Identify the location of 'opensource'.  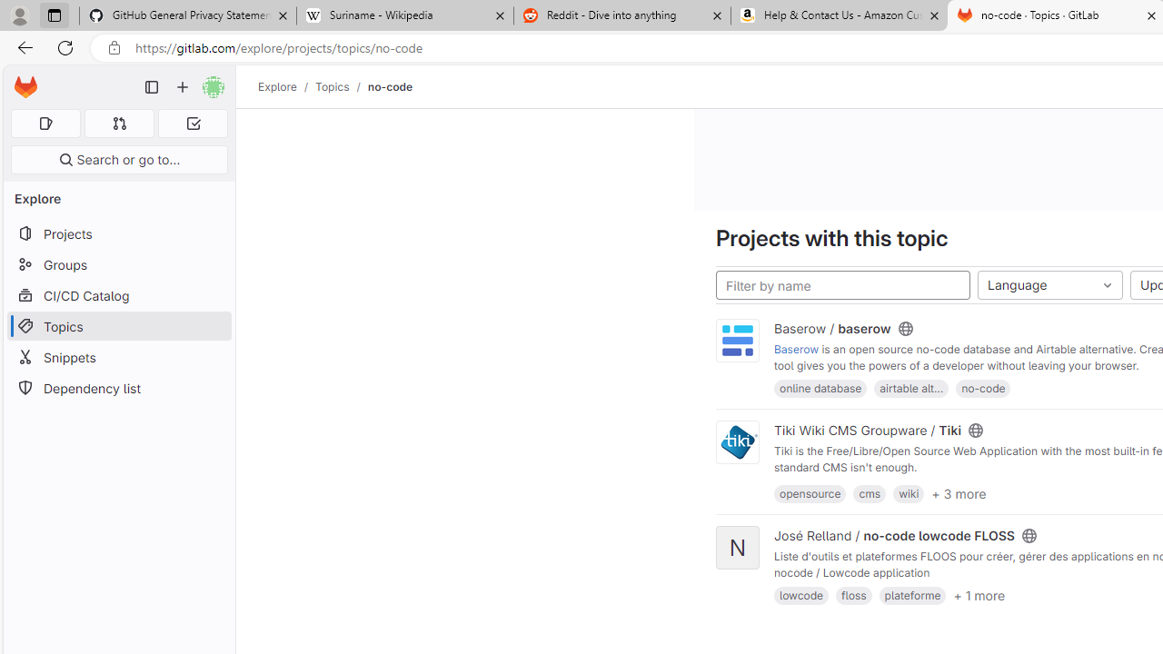
(809, 493).